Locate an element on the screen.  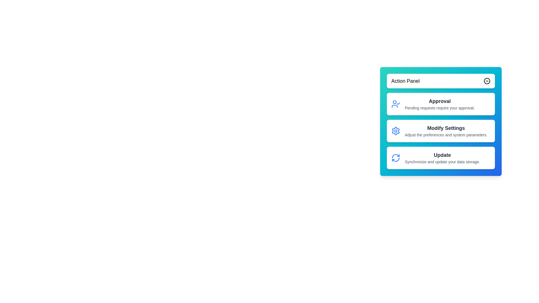
the icon associated with the action Approval is located at coordinates (396, 104).